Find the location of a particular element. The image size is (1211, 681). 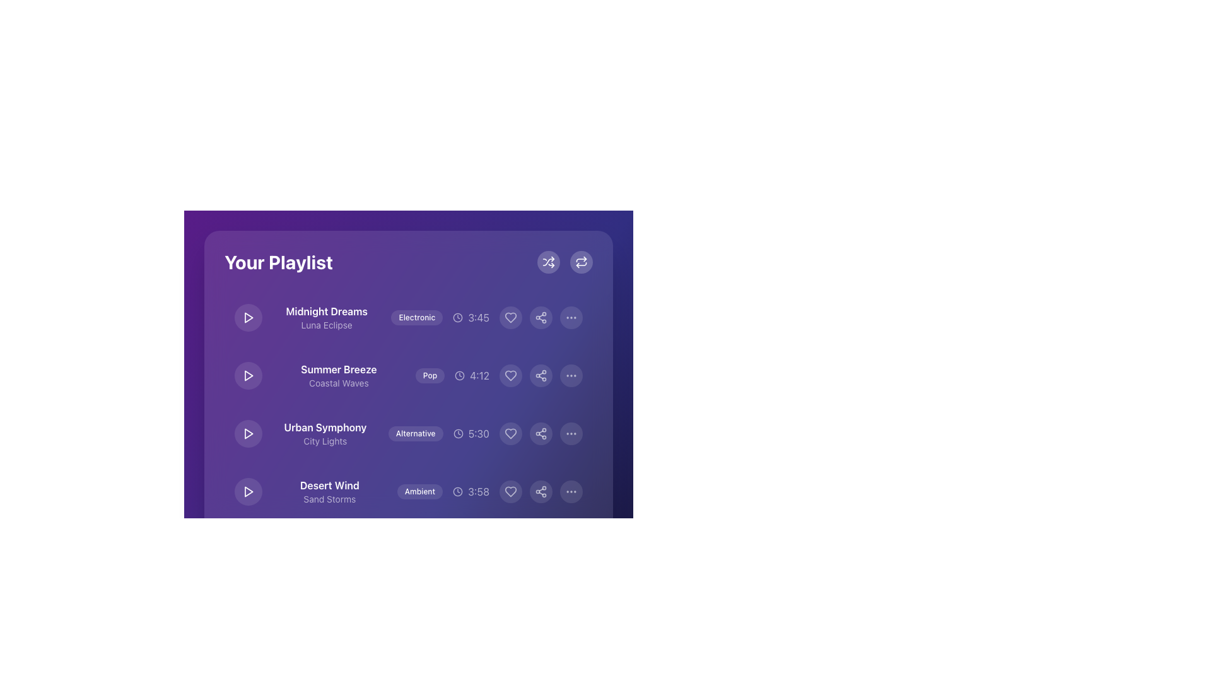

the circular sharing button located as the third interactive button in a horizontal group aligned to the right of the track information section for the 'Summer Breeze' song is located at coordinates (541, 375).